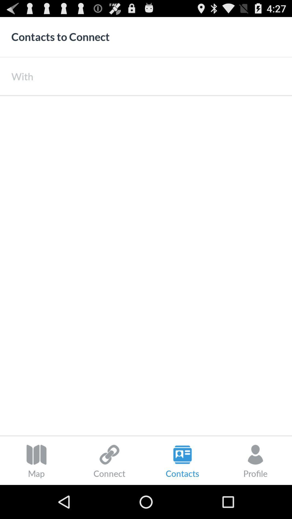 The width and height of the screenshot is (292, 519). I want to click on the, so click(162, 76).